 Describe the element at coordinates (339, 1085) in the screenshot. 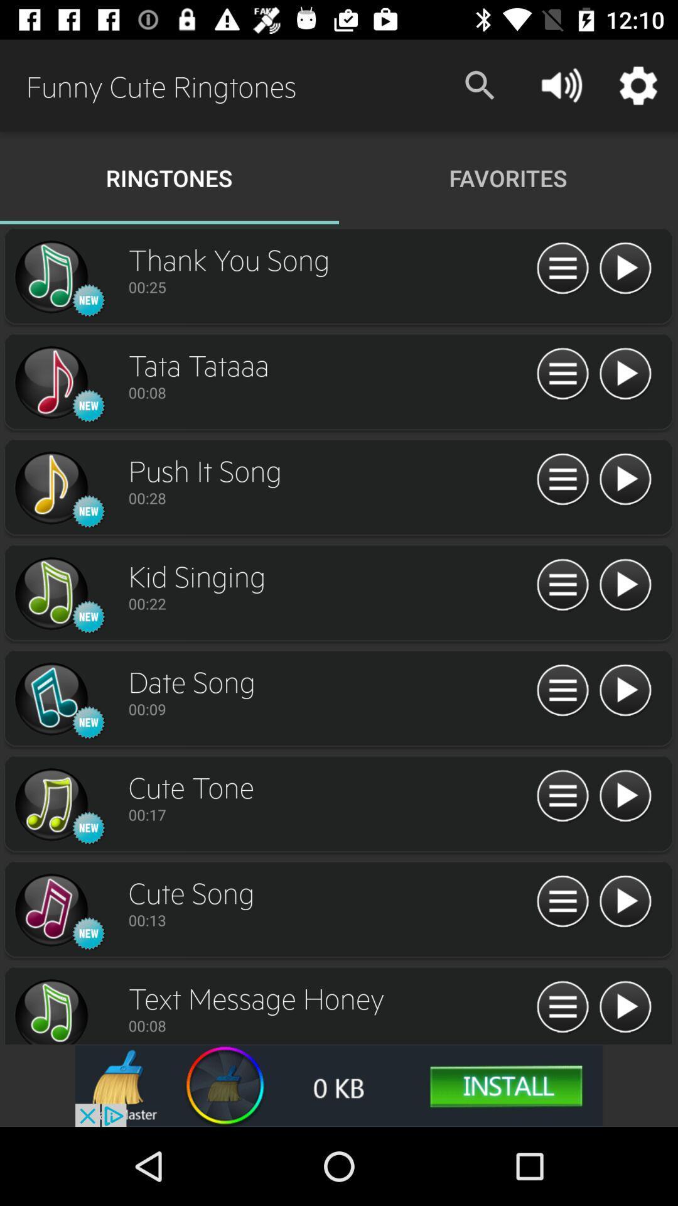

I see `advertisement website` at that location.